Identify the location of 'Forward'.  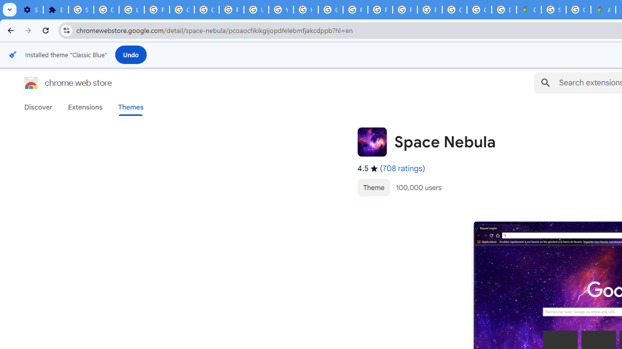
(28, 30).